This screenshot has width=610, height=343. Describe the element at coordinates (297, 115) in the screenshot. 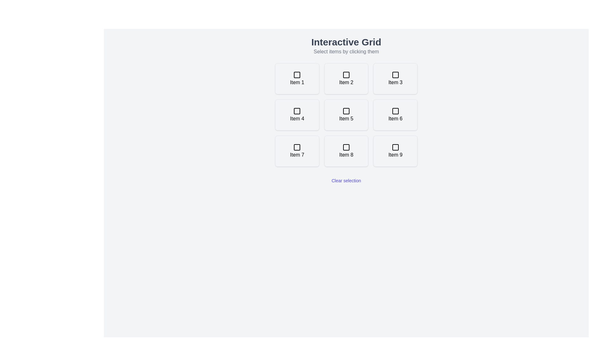

I see `the button that allows users to select 'Item 4' in the second row and first column of the 3x3 grid layout` at that location.